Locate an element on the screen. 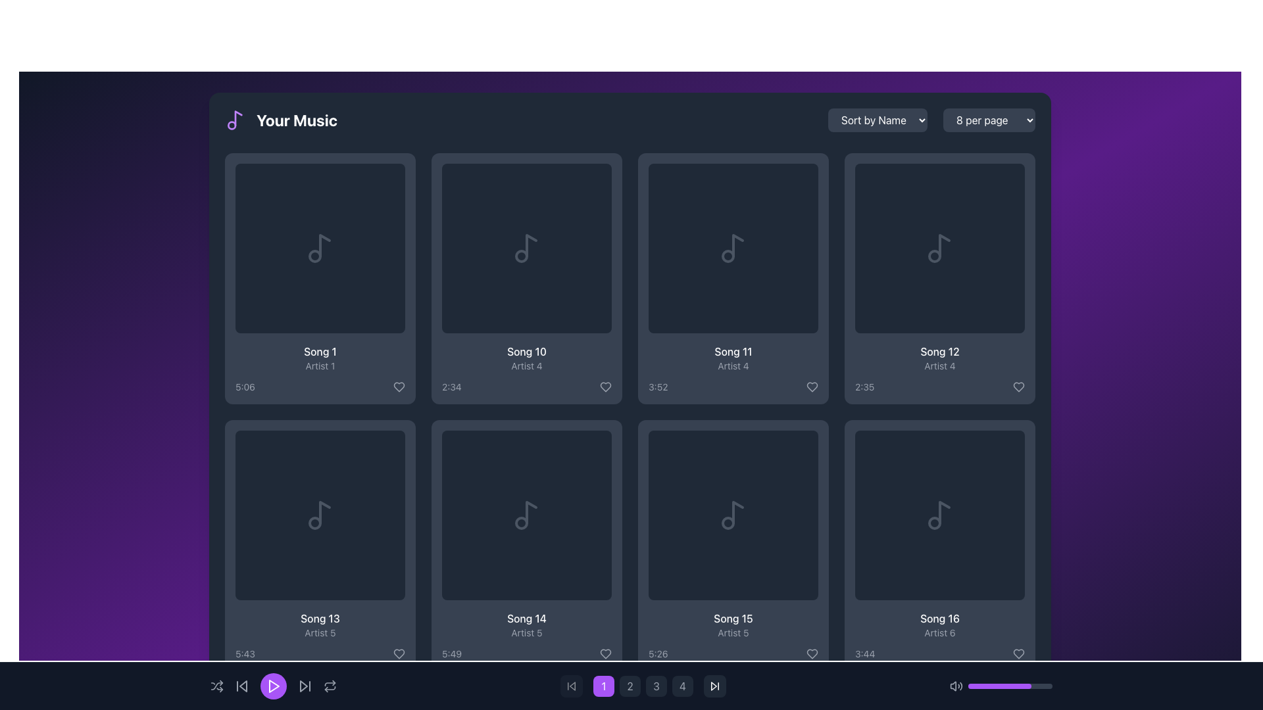 Image resolution: width=1263 pixels, height=710 pixels. the text label displaying 'Artist 5', which is located below the title 'Song 13' and above the duration '5:43' in the song details card is located at coordinates (320, 632).